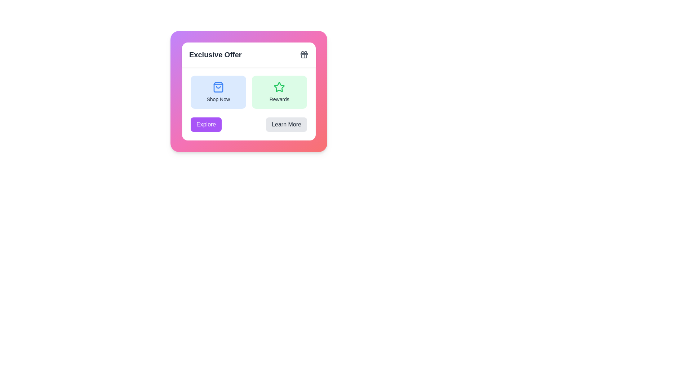  Describe the element at coordinates (279, 86) in the screenshot. I see `the green star icon with a white center located in the 'Rewards' card, which is positioned below 'Exclusive Offer' and above the 'Learn More' button` at that location.